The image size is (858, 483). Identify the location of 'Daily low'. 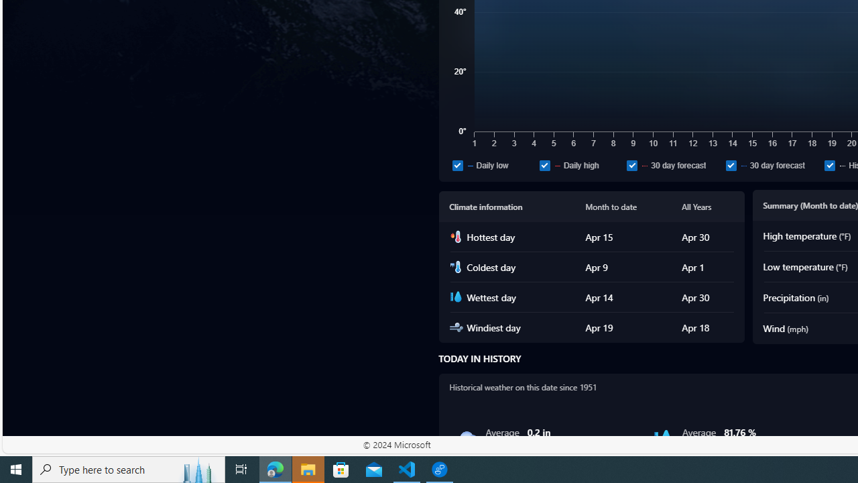
(457, 164).